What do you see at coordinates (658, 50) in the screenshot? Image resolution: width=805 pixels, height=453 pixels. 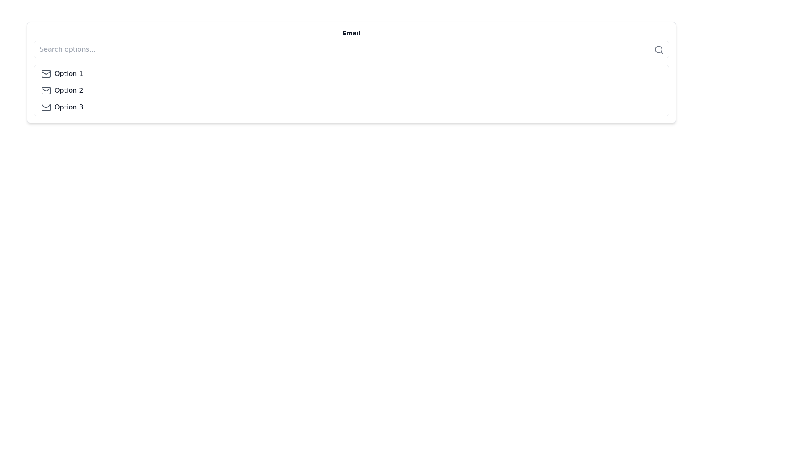 I see `the magnifying glass icon representing the search function, located at the right end of the search input field, to initiate a search` at bounding box center [658, 50].